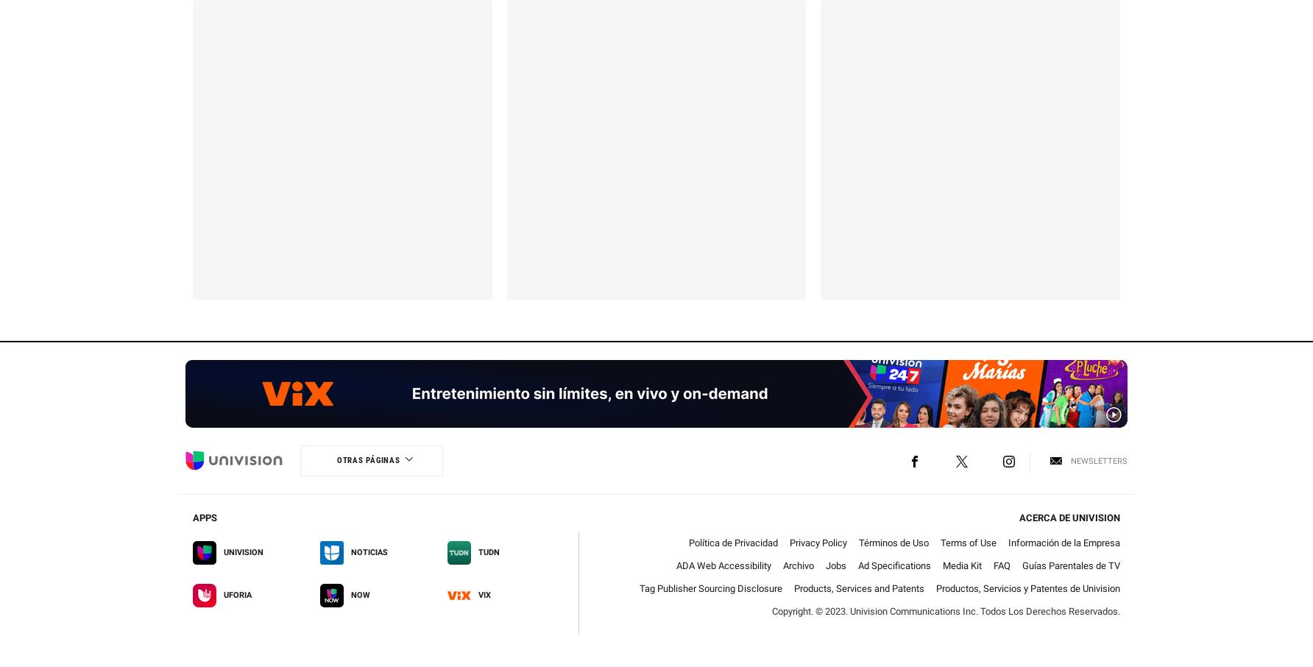 This screenshot has width=1313, height=667. What do you see at coordinates (858, 541) in the screenshot?
I see `'Términos de Uso'` at bounding box center [858, 541].